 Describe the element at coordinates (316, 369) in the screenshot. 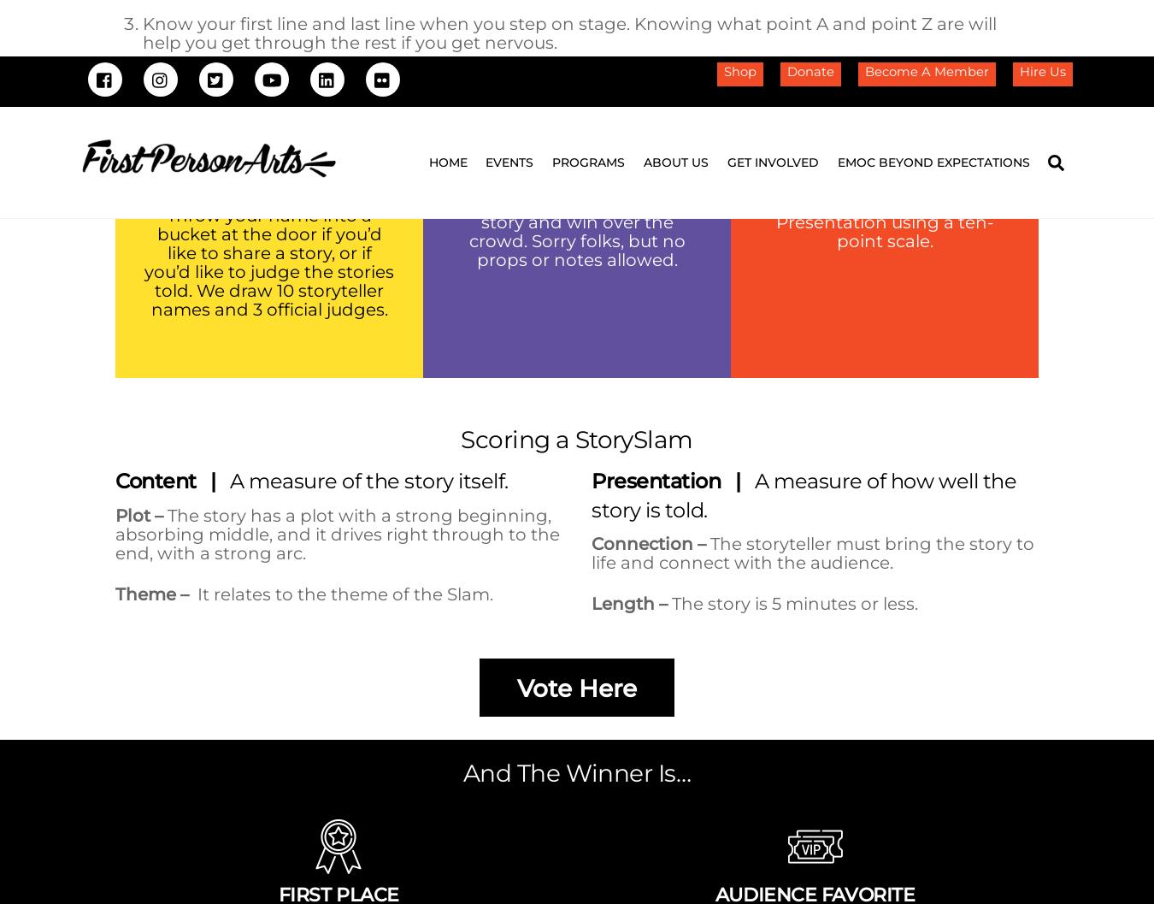

I see `'you!'` at that location.